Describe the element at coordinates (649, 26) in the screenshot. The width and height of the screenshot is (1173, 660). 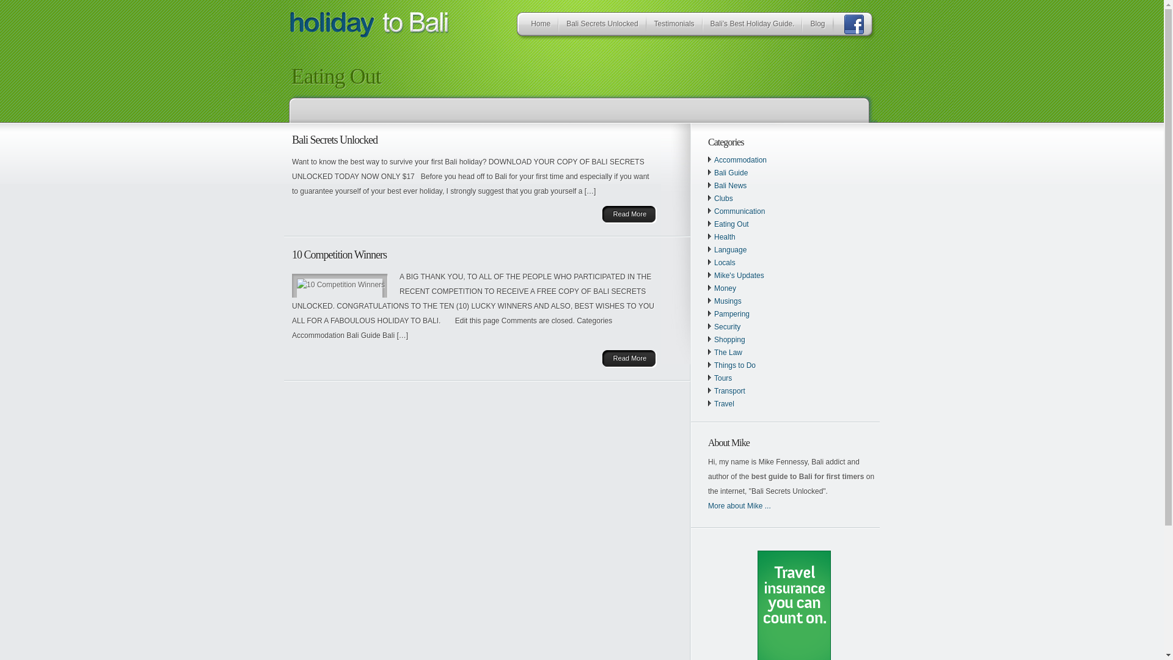
I see `'Testimonials'` at that location.